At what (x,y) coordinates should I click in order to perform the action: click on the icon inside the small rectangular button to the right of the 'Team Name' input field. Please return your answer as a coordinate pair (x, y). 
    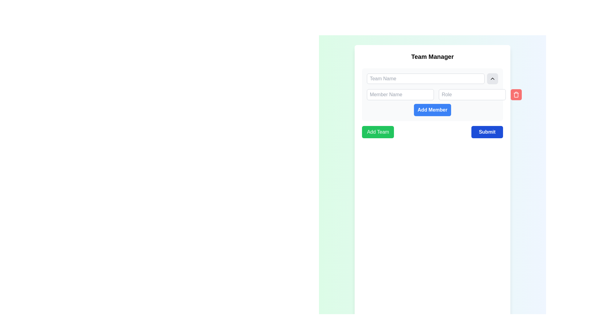
    Looking at the image, I should click on (492, 78).